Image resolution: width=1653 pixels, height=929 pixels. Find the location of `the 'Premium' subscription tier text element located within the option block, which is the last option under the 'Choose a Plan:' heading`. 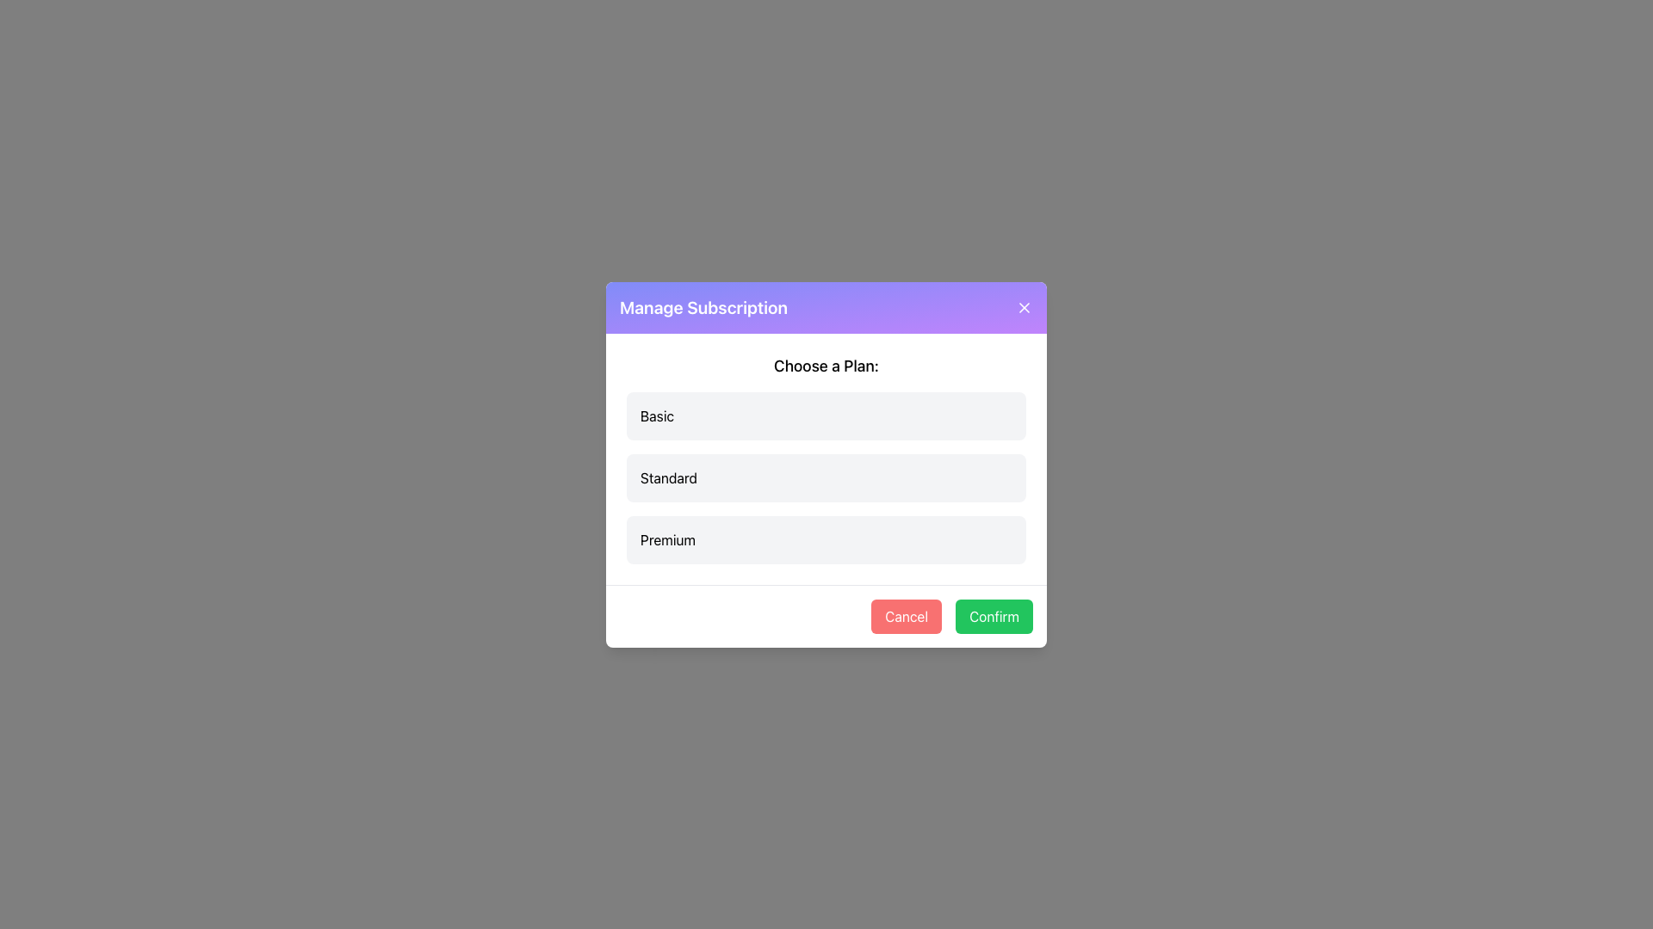

the 'Premium' subscription tier text element located within the option block, which is the last option under the 'Choose a Plan:' heading is located at coordinates (667, 538).